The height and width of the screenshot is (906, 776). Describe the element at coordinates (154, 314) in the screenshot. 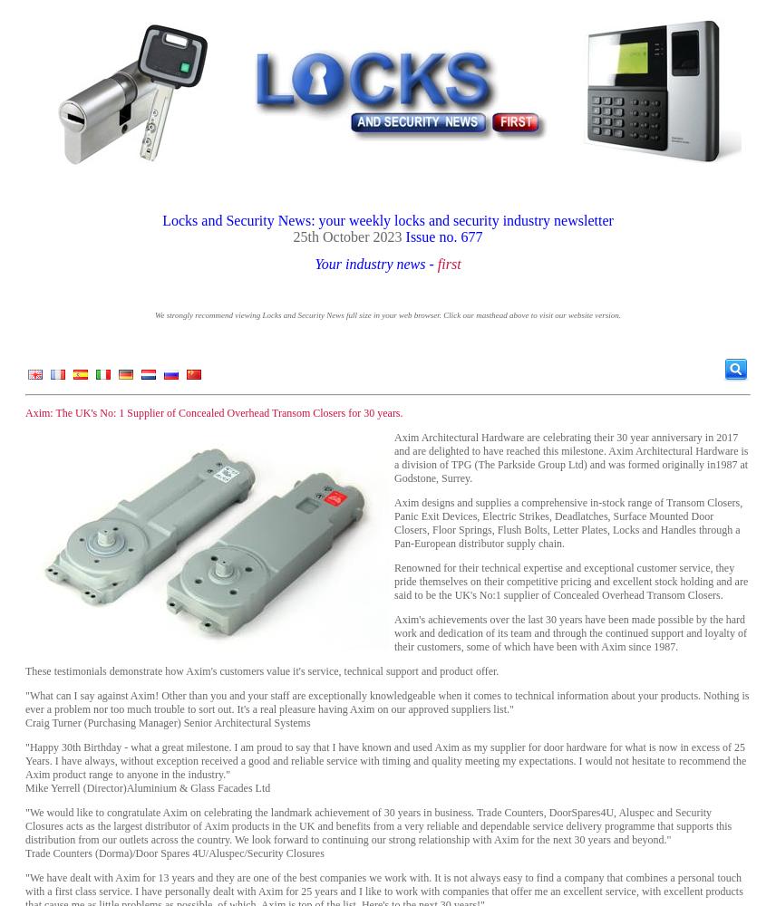

I see `'We strongly recommend viewing Locks and Security News full size in your web browser. Click our masthead above to visit our website version.'` at that location.